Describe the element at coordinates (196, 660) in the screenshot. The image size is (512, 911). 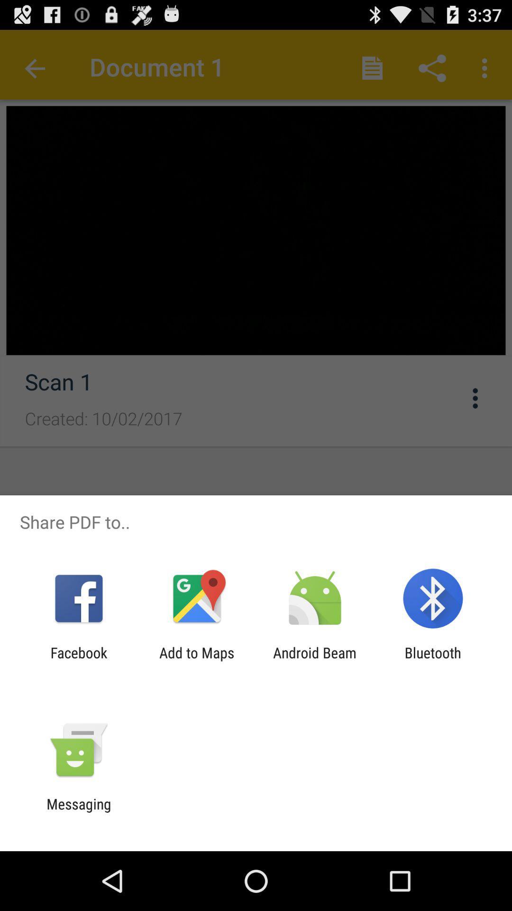
I see `the item next to facebook app` at that location.